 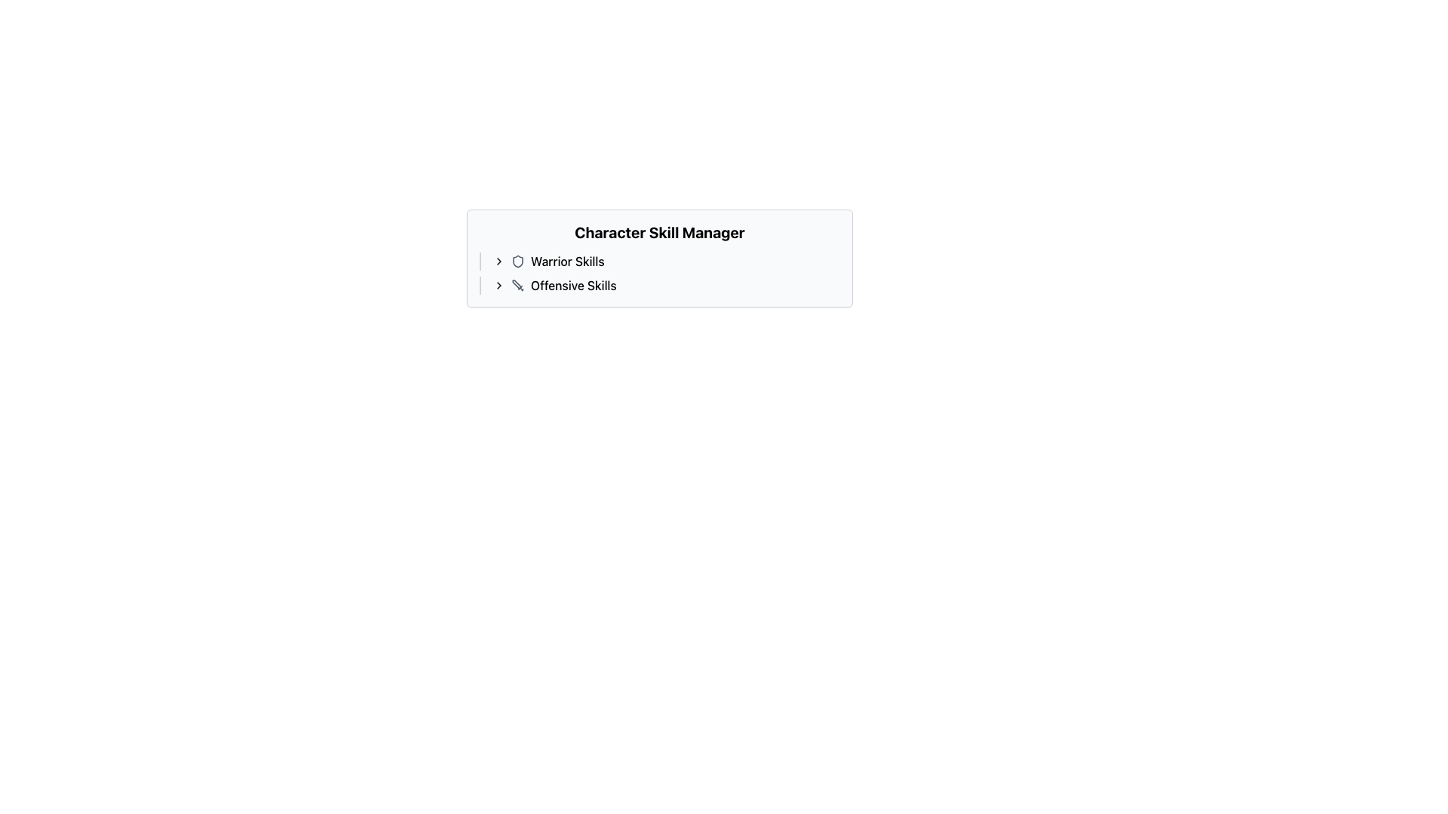 I want to click on the 'Offensive Skills' text label, which is displayed in bold black font and is part of the 'Character Skill Manager' section, so click(x=572, y=285).